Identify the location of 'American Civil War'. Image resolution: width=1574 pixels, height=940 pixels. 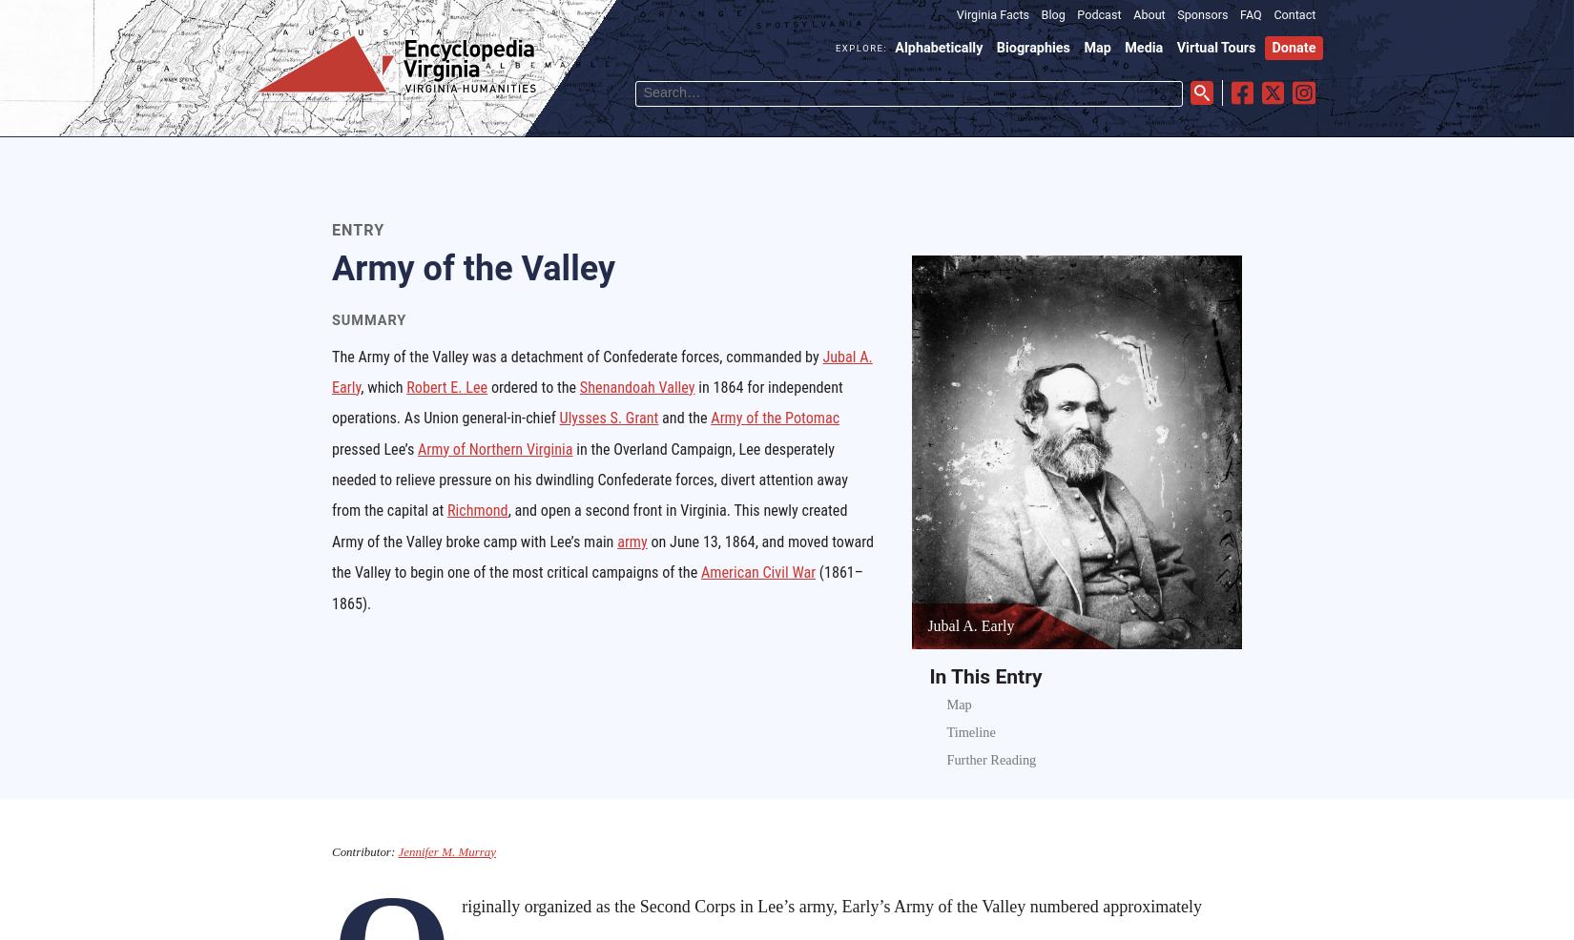
(756, 572).